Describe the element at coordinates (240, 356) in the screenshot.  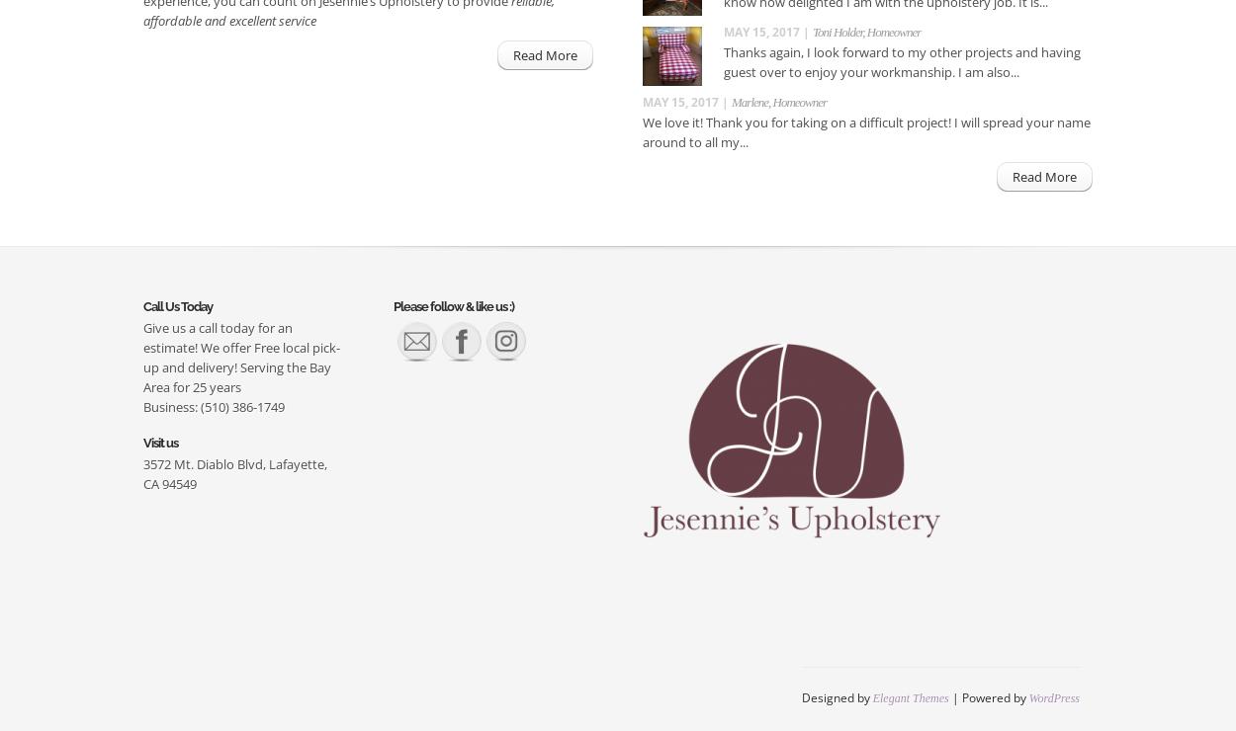
I see `'Give us a call today for an estimate!
We offer Free local pick-up and delivery!
Serving the Bay Area for 25 years'` at that location.